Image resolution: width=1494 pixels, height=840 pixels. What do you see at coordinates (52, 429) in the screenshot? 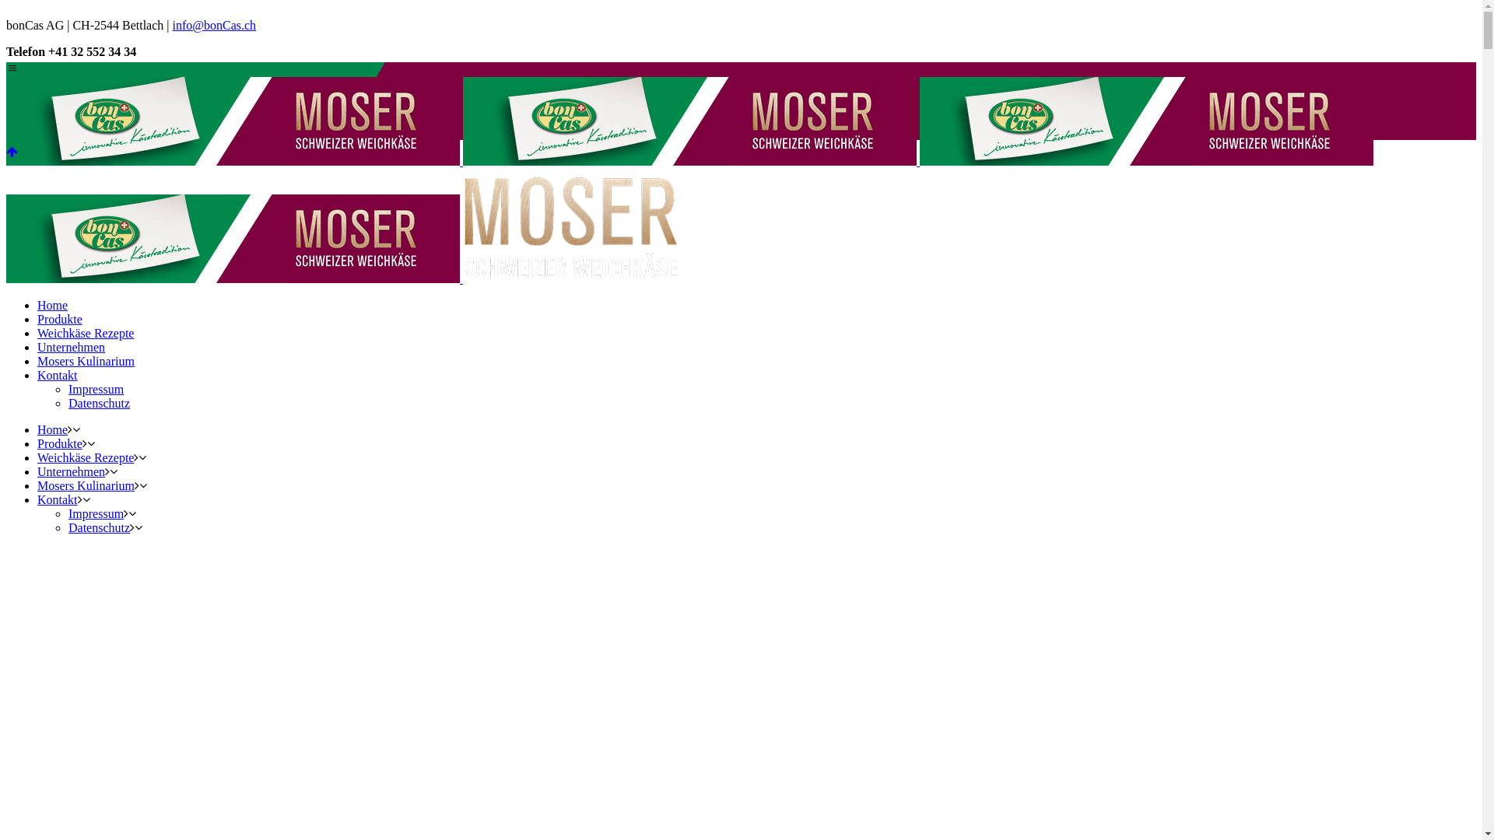
I see `'Home'` at bounding box center [52, 429].